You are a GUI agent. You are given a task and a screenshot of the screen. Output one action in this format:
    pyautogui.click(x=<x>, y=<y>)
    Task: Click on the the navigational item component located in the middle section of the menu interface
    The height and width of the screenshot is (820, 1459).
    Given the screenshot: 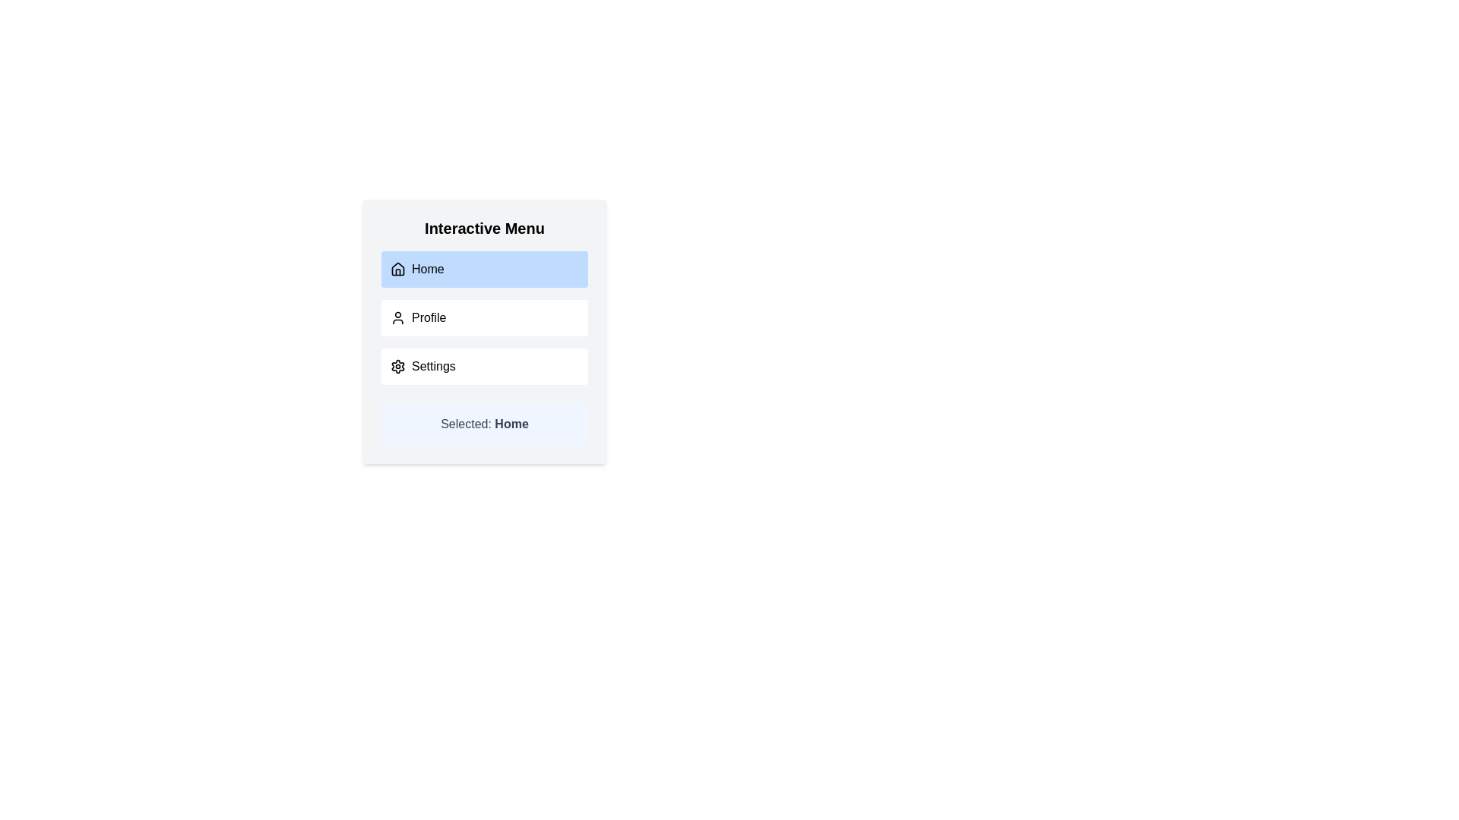 What is the action you would take?
    pyautogui.click(x=484, y=317)
    